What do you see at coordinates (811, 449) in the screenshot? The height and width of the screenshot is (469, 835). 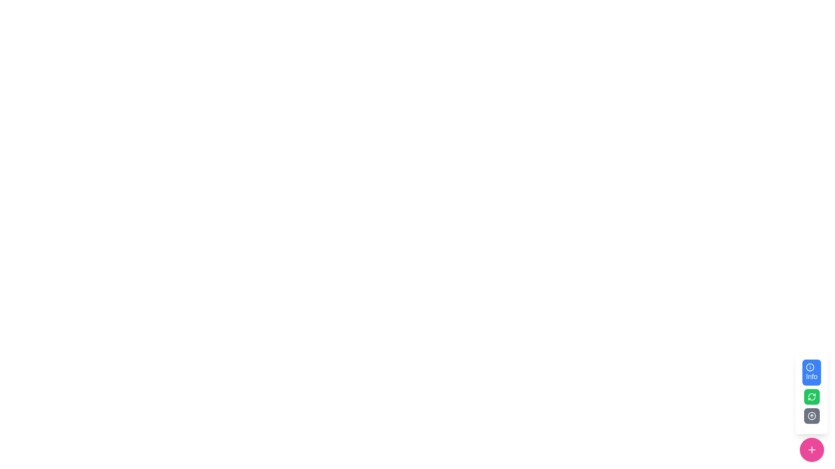 I see `the circular pink button with a white '+' symbol located at the bottom-right corner of the interface` at bounding box center [811, 449].